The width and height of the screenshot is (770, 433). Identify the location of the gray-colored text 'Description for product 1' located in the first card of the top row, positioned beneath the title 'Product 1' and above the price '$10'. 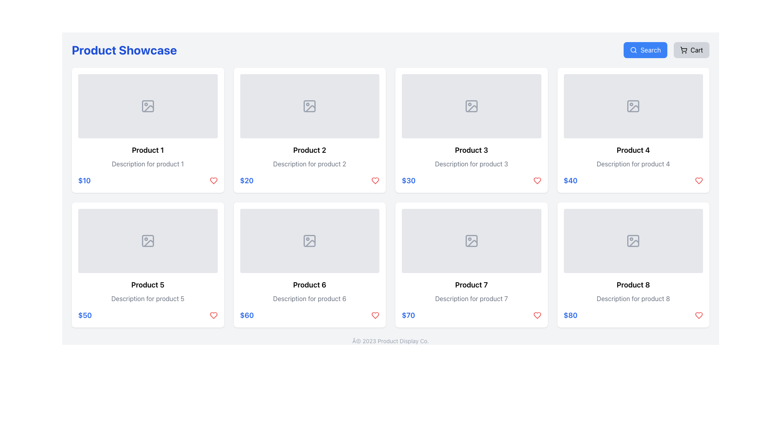
(148, 163).